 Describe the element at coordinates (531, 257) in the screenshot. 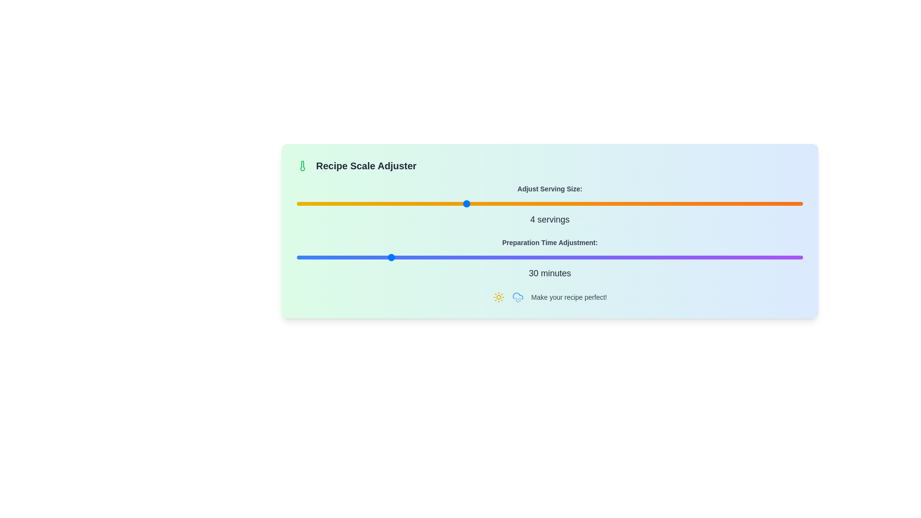

I see `preparation time adjustment` at that location.